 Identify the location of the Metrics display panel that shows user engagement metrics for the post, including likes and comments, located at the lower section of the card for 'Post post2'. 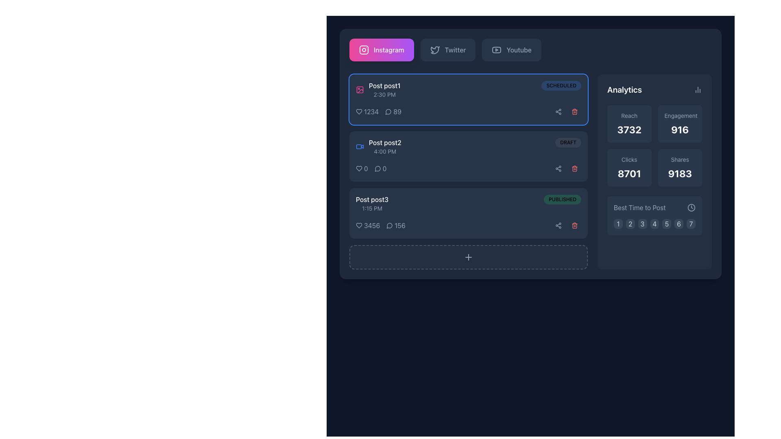
(371, 168).